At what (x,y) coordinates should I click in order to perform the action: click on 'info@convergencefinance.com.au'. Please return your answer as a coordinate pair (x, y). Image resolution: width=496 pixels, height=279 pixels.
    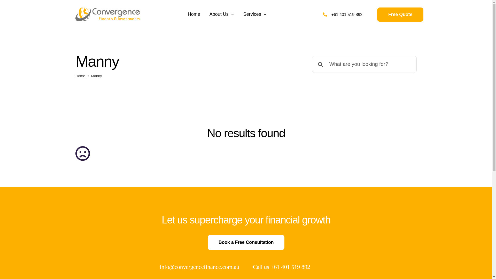
    Looking at the image, I should click on (199, 267).